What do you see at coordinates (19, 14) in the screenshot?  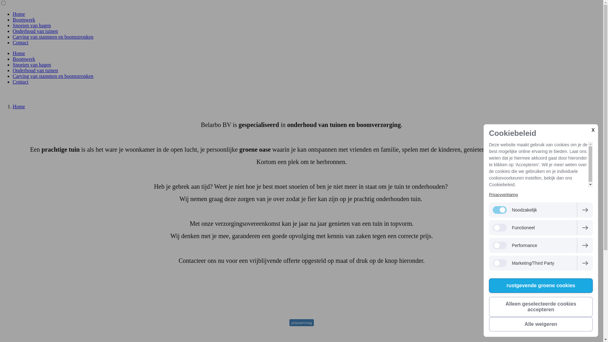 I see `'Home'` at bounding box center [19, 14].